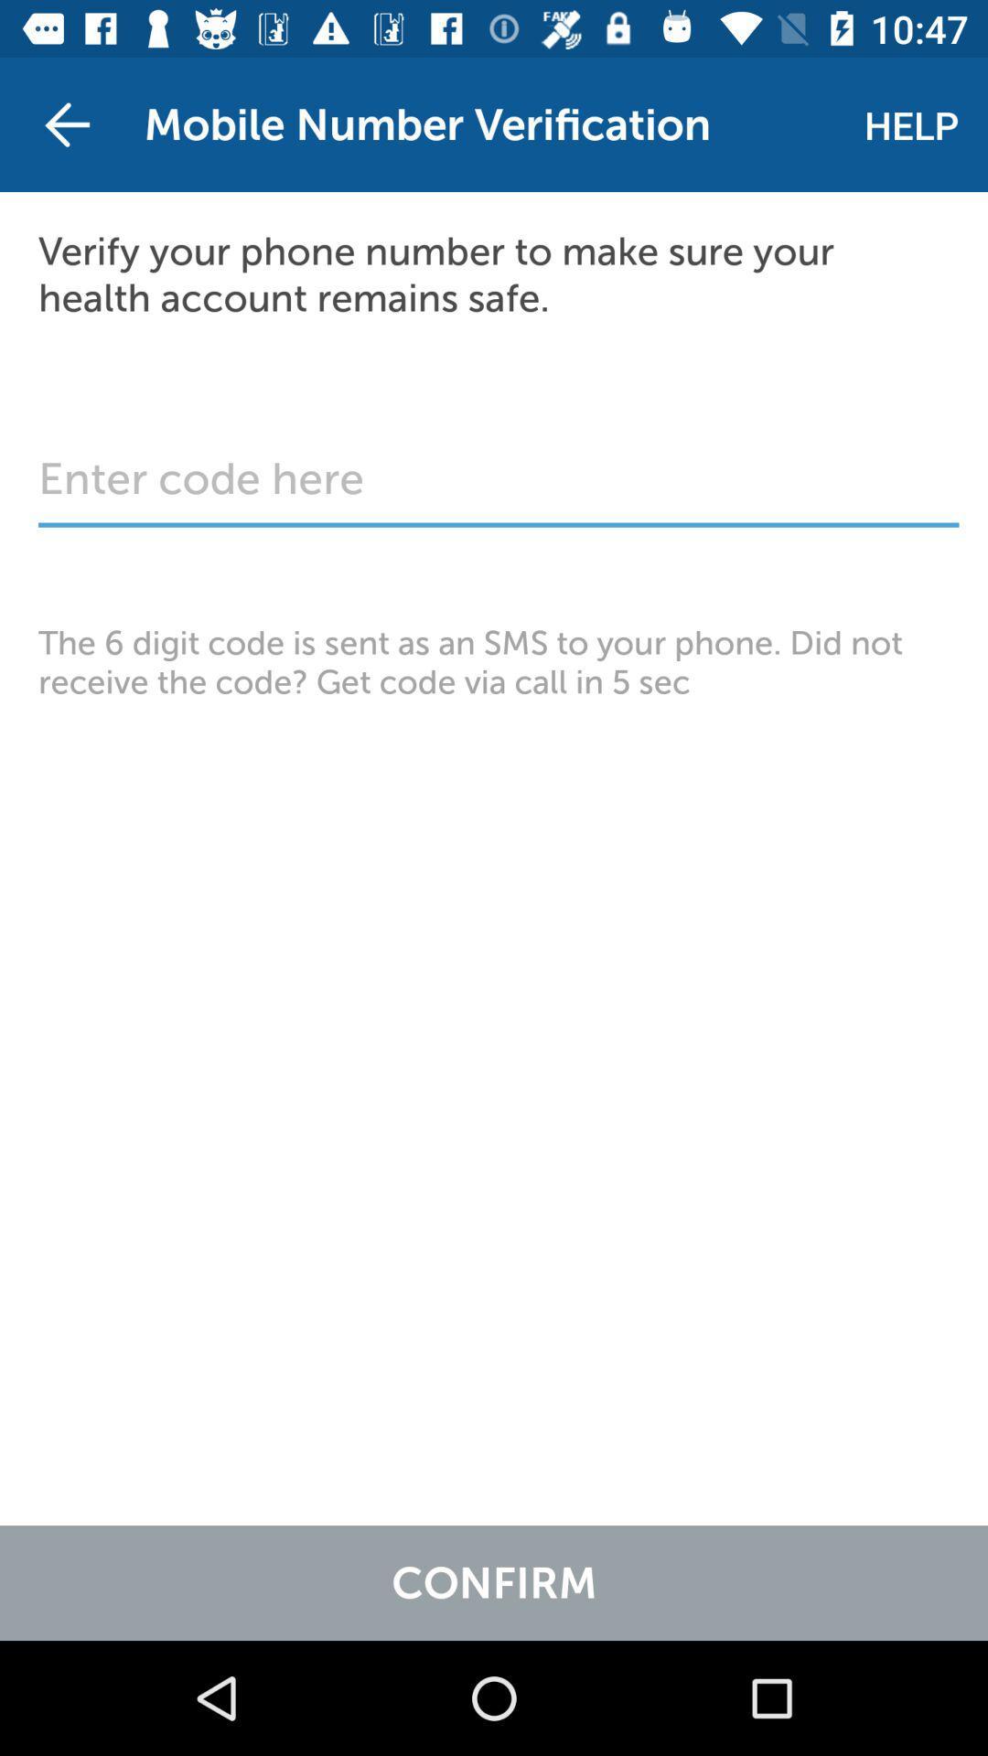  I want to click on code, so click(499, 487).